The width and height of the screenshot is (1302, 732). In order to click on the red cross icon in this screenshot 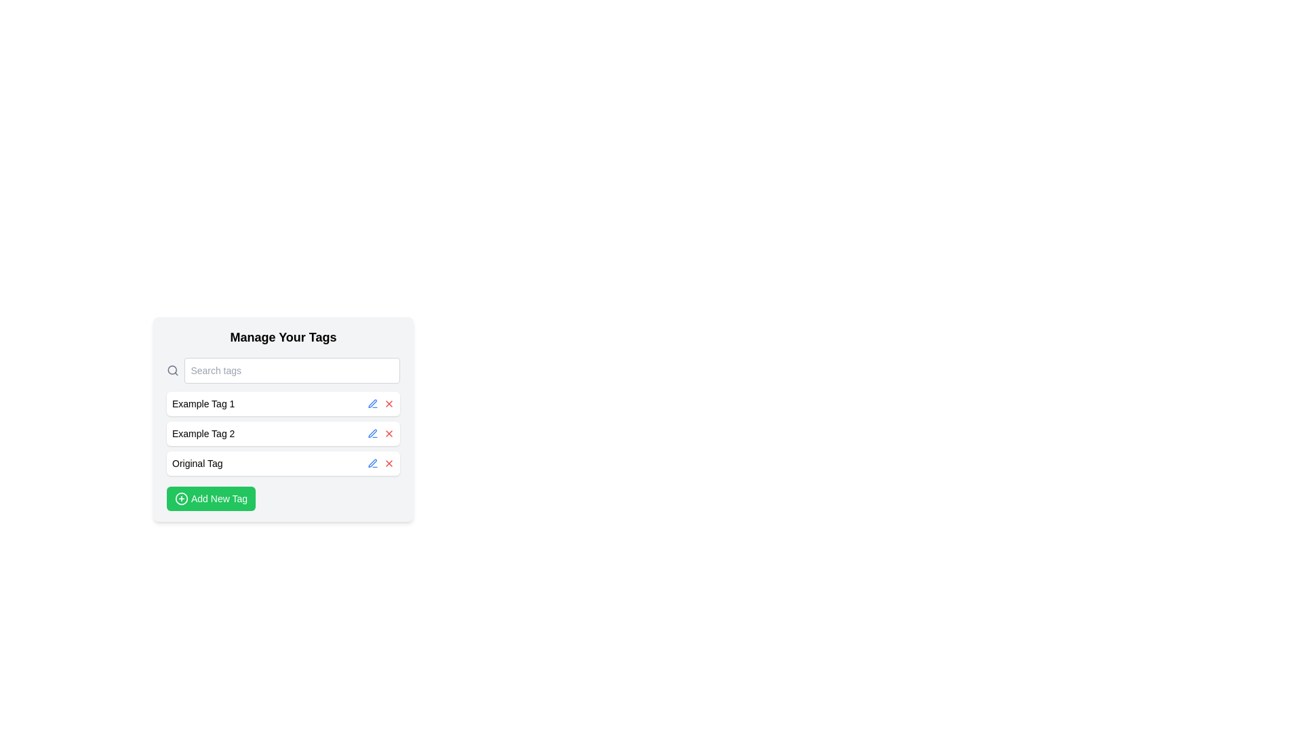, I will do `click(380, 462)`.